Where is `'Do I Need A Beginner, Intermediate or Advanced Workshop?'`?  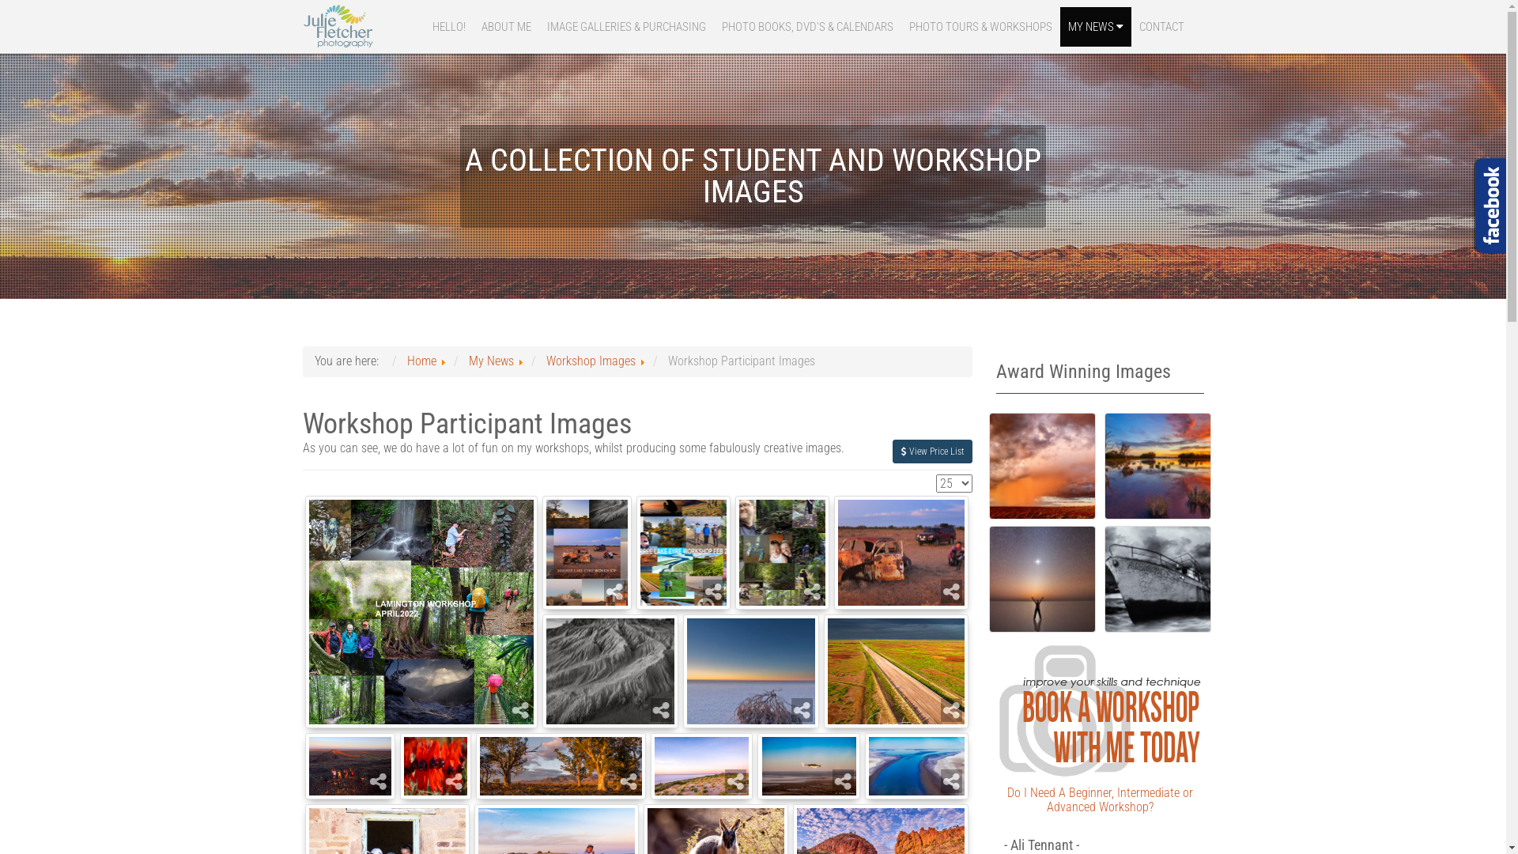 'Do I Need A Beginner, Intermediate or Advanced Workshop?' is located at coordinates (1099, 799).